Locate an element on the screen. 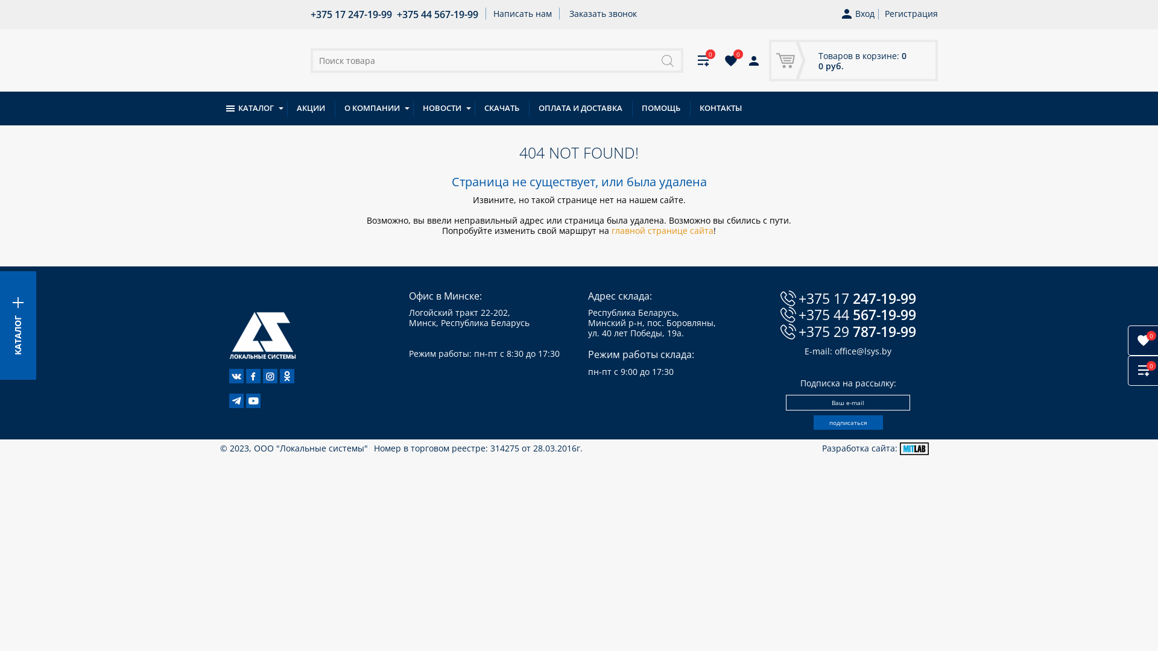  '+375 29 787-19-99' is located at coordinates (847, 332).